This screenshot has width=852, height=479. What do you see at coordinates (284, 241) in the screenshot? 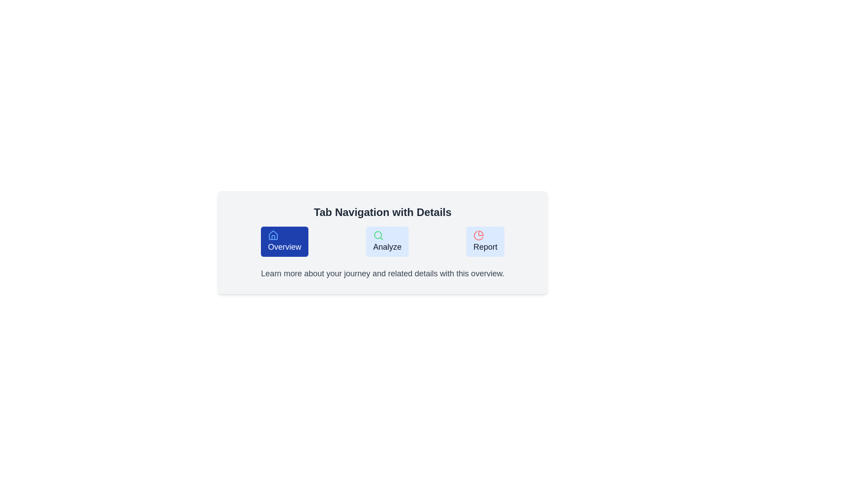
I see `the Overview tab` at bounding box center [284, 241].